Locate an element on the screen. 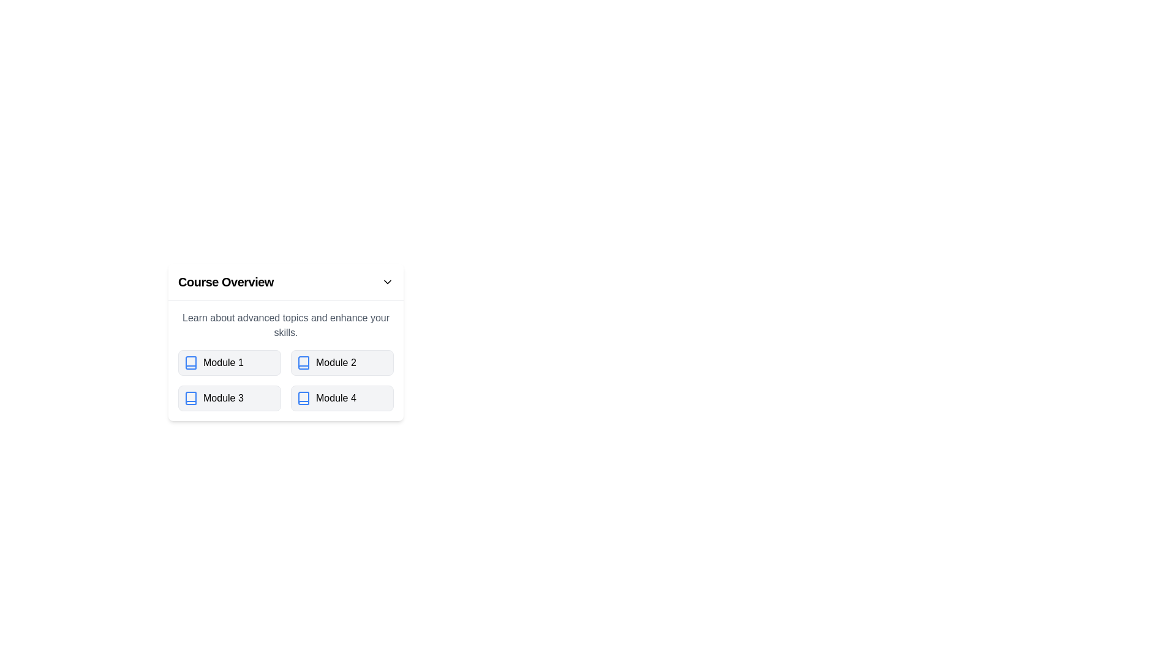 The width and height of the screenshot is (1176, 661). the Text Label for Module 4, which indicates its function as a selectable option is located at coordinates (336, 398).